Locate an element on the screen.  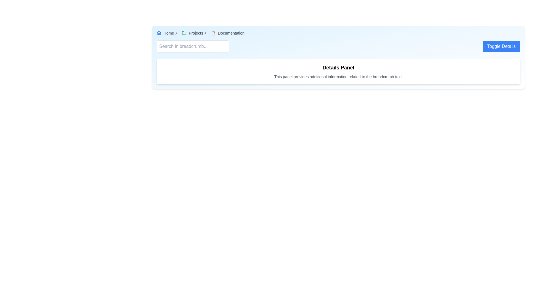
the 'Documentation' text label, which is styled in gray and located at the end of the breadcrumb navigation bar is located at coordinates (231, 33).